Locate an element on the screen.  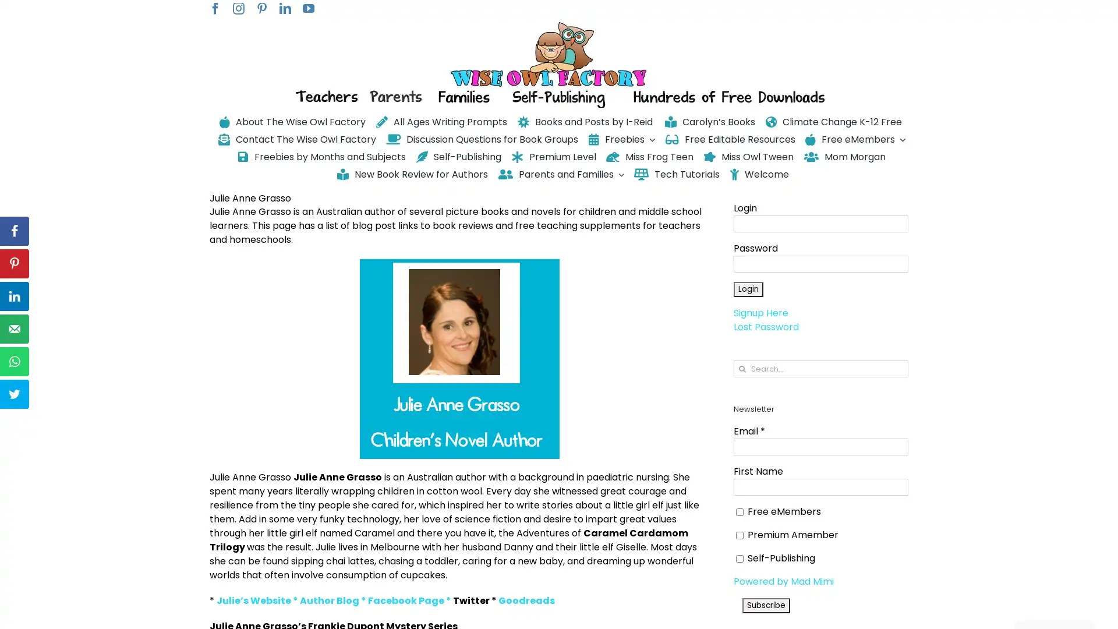
Subscribe is located at coordinates (766, 604).